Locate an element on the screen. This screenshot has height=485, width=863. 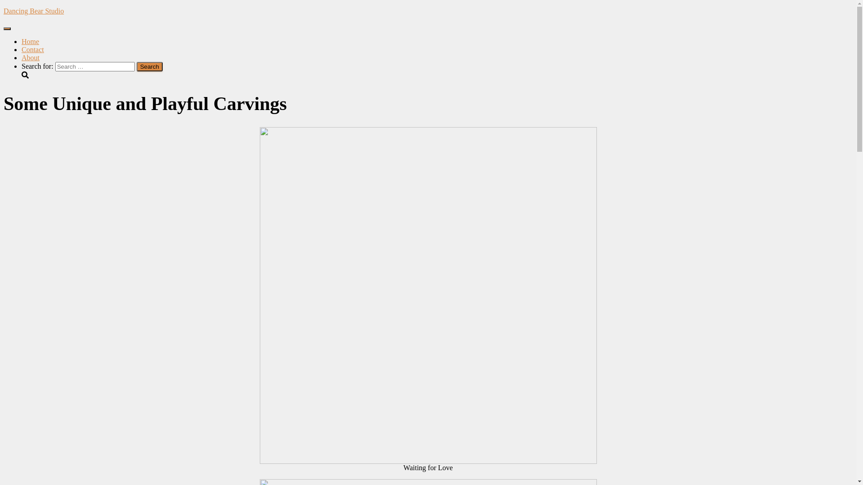
'About' is located at coordinates (30, 57).